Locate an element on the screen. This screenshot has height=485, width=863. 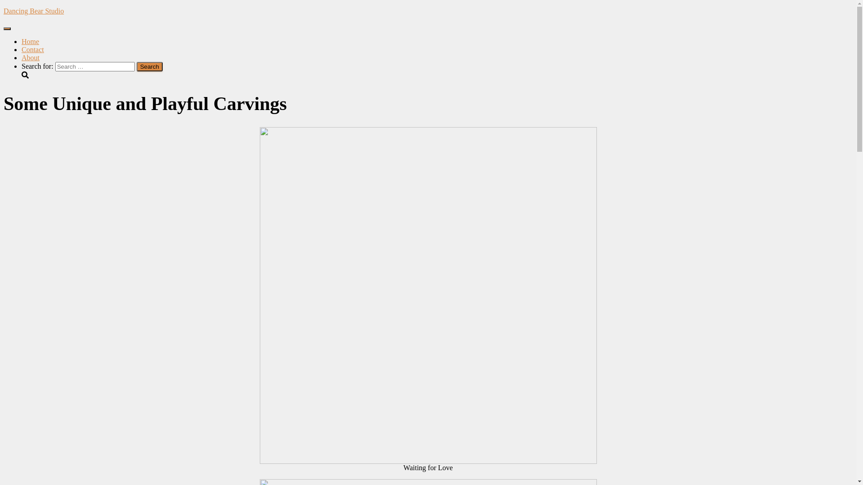
'About' is located at coordinates (30, 57).